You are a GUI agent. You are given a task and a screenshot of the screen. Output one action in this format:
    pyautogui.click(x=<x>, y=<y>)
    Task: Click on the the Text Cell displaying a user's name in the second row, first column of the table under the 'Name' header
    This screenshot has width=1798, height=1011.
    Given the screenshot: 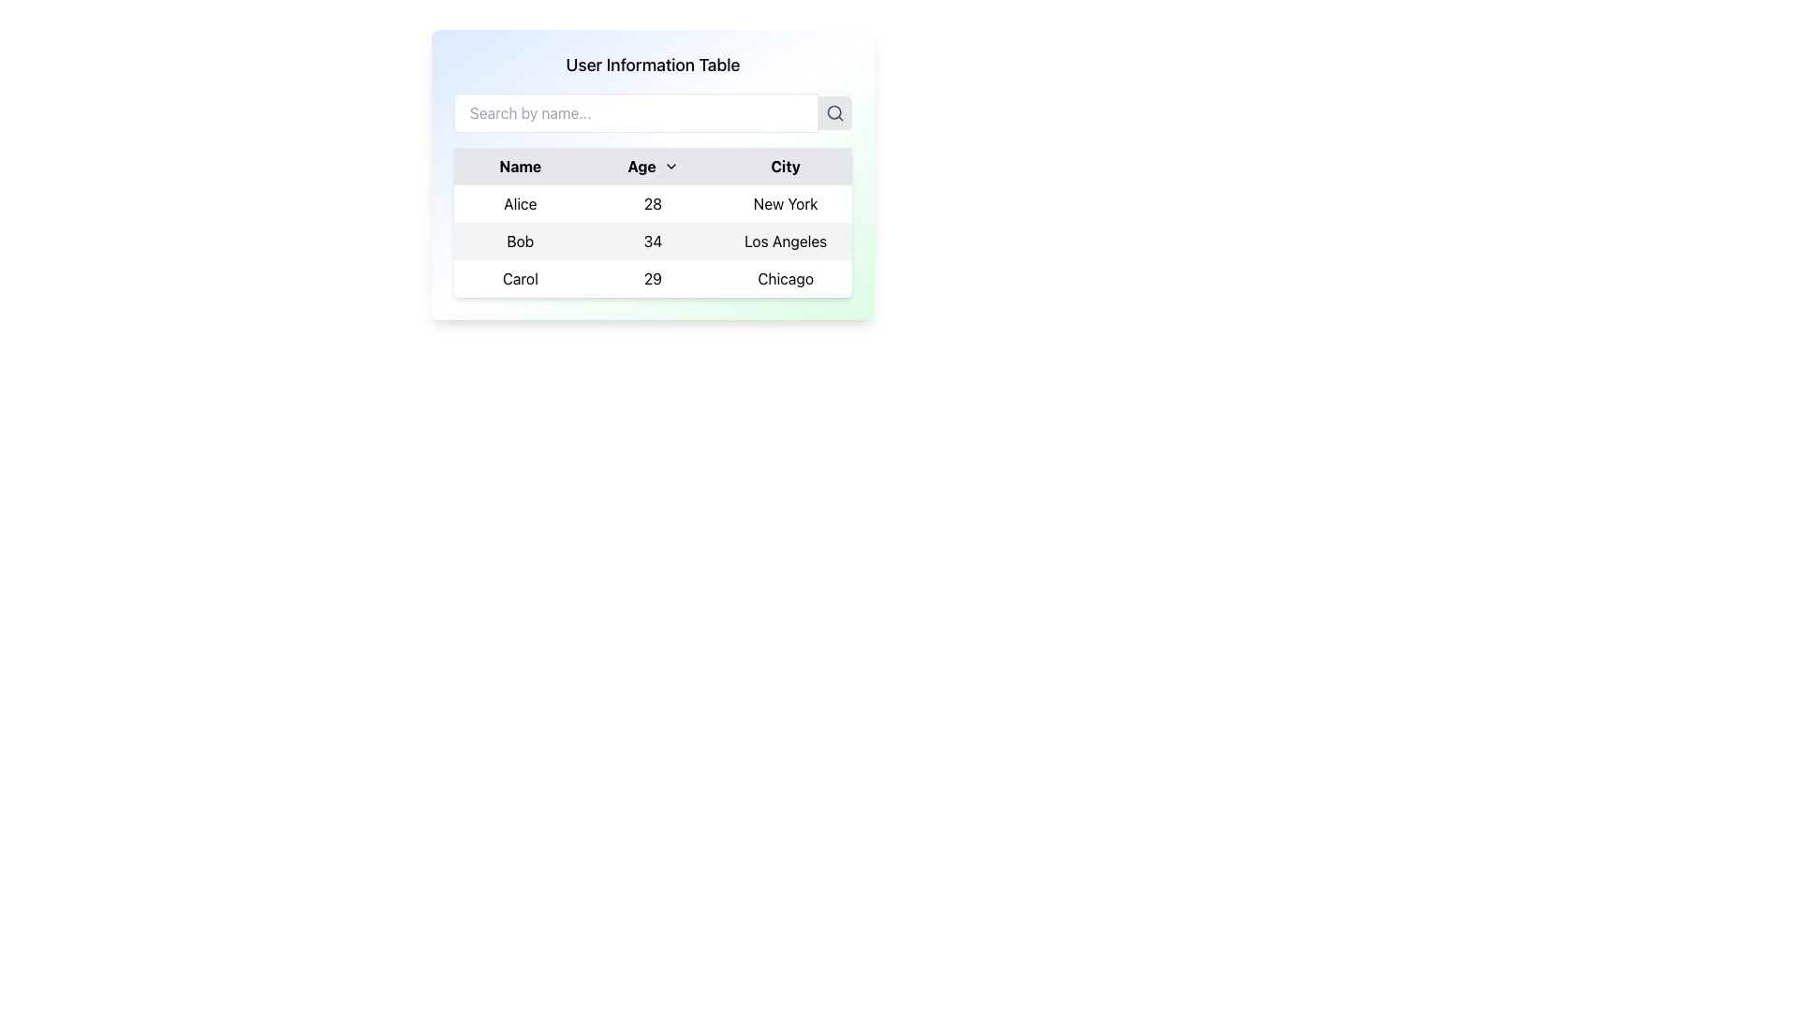 What is the action you would take?
    pyautogui.click(x=520, y=241)
    